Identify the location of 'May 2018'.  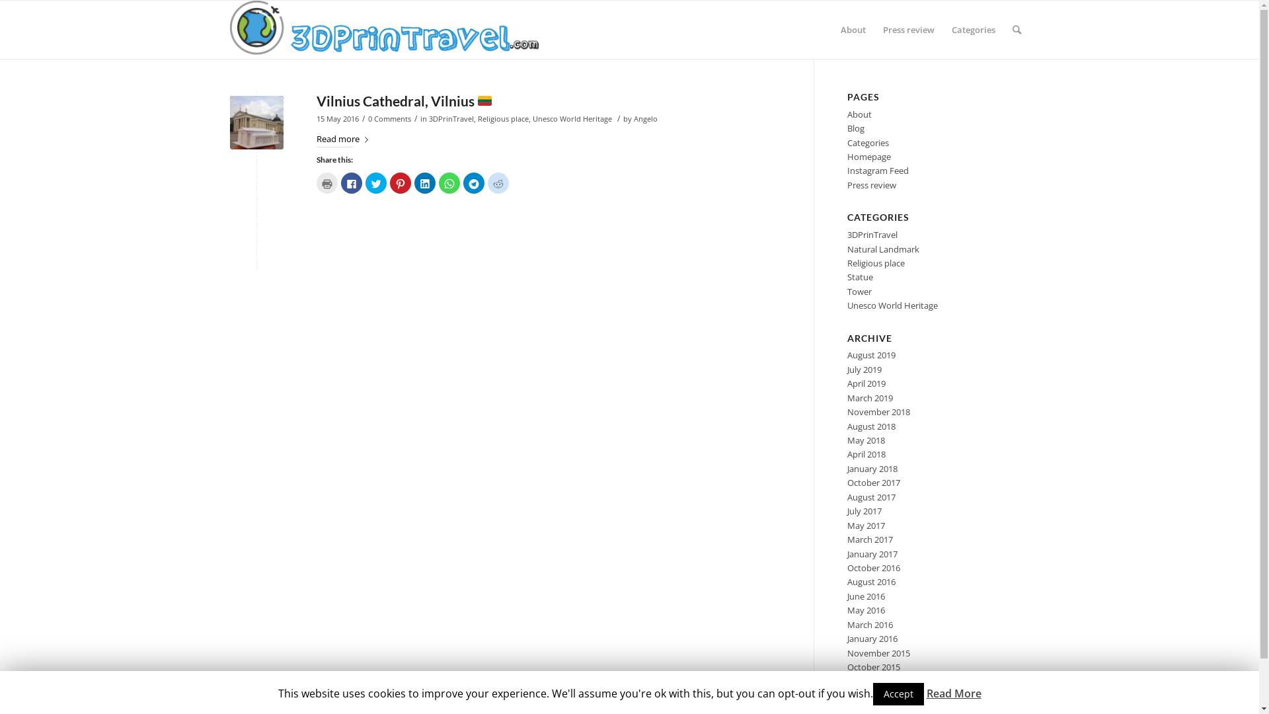
(847, 440).